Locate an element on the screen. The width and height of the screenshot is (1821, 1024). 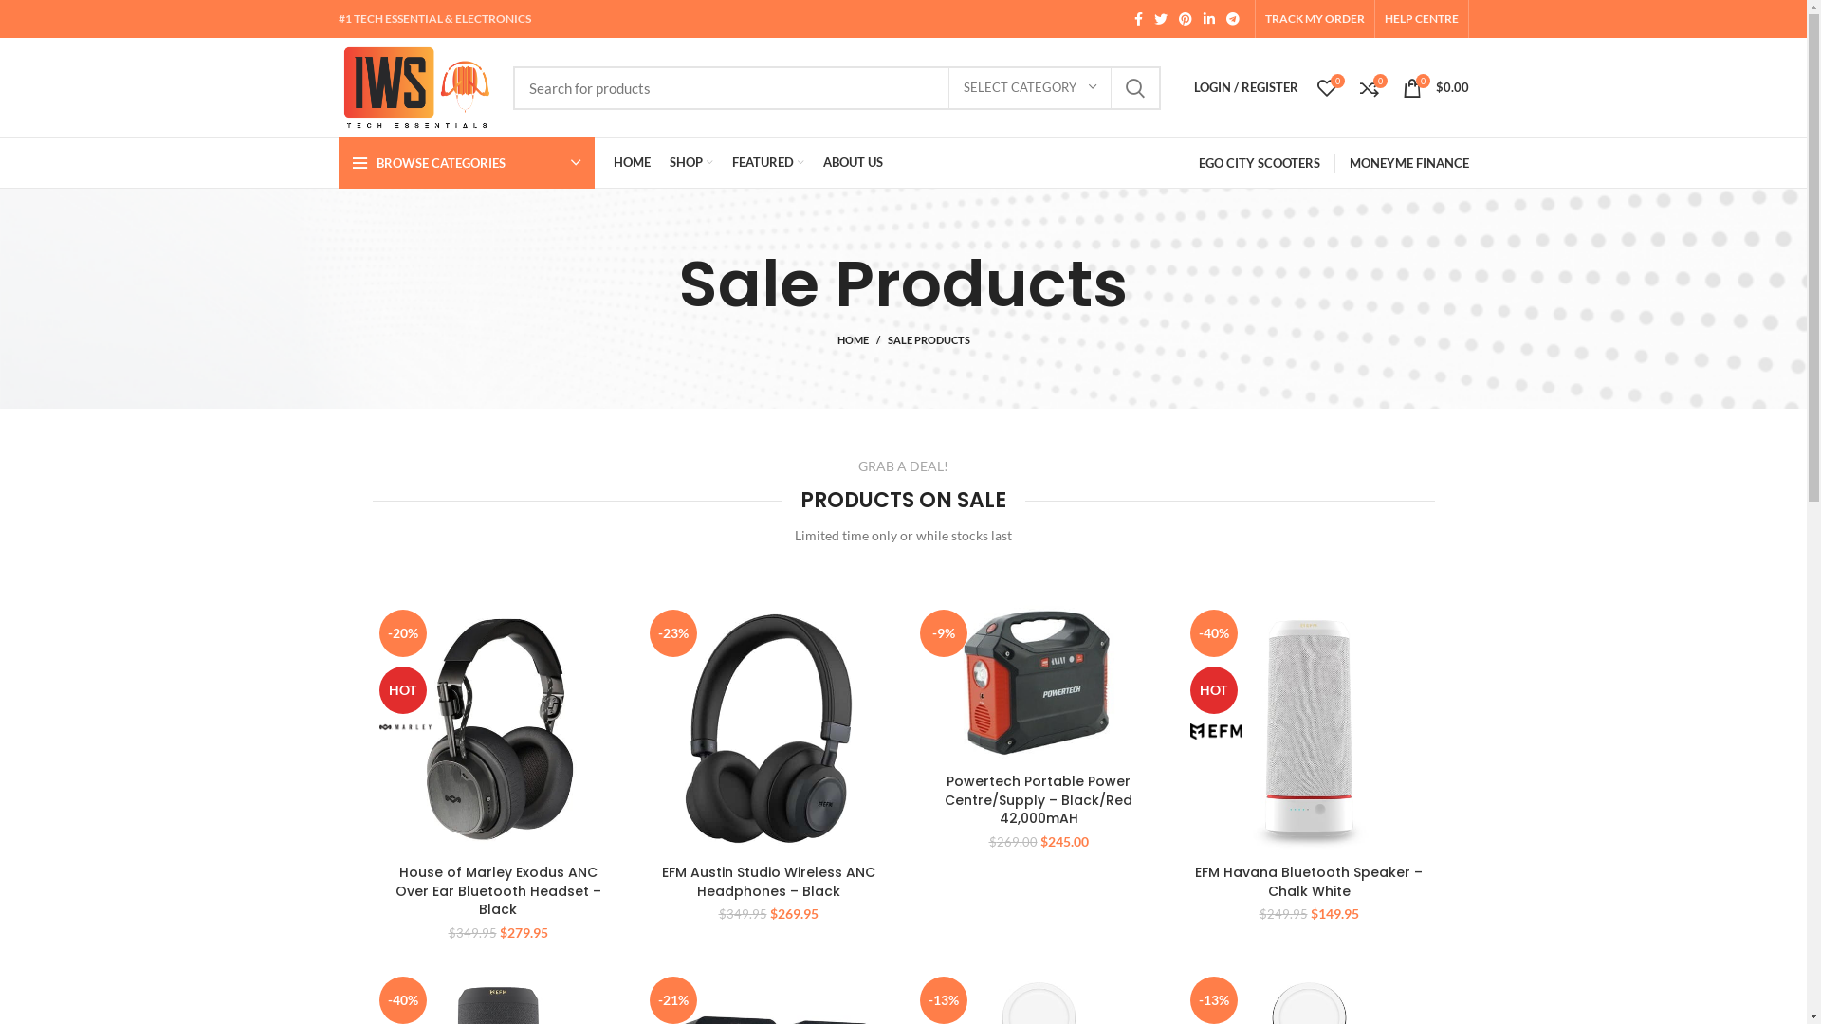
'-40% is located at coordinates (1308, 727).